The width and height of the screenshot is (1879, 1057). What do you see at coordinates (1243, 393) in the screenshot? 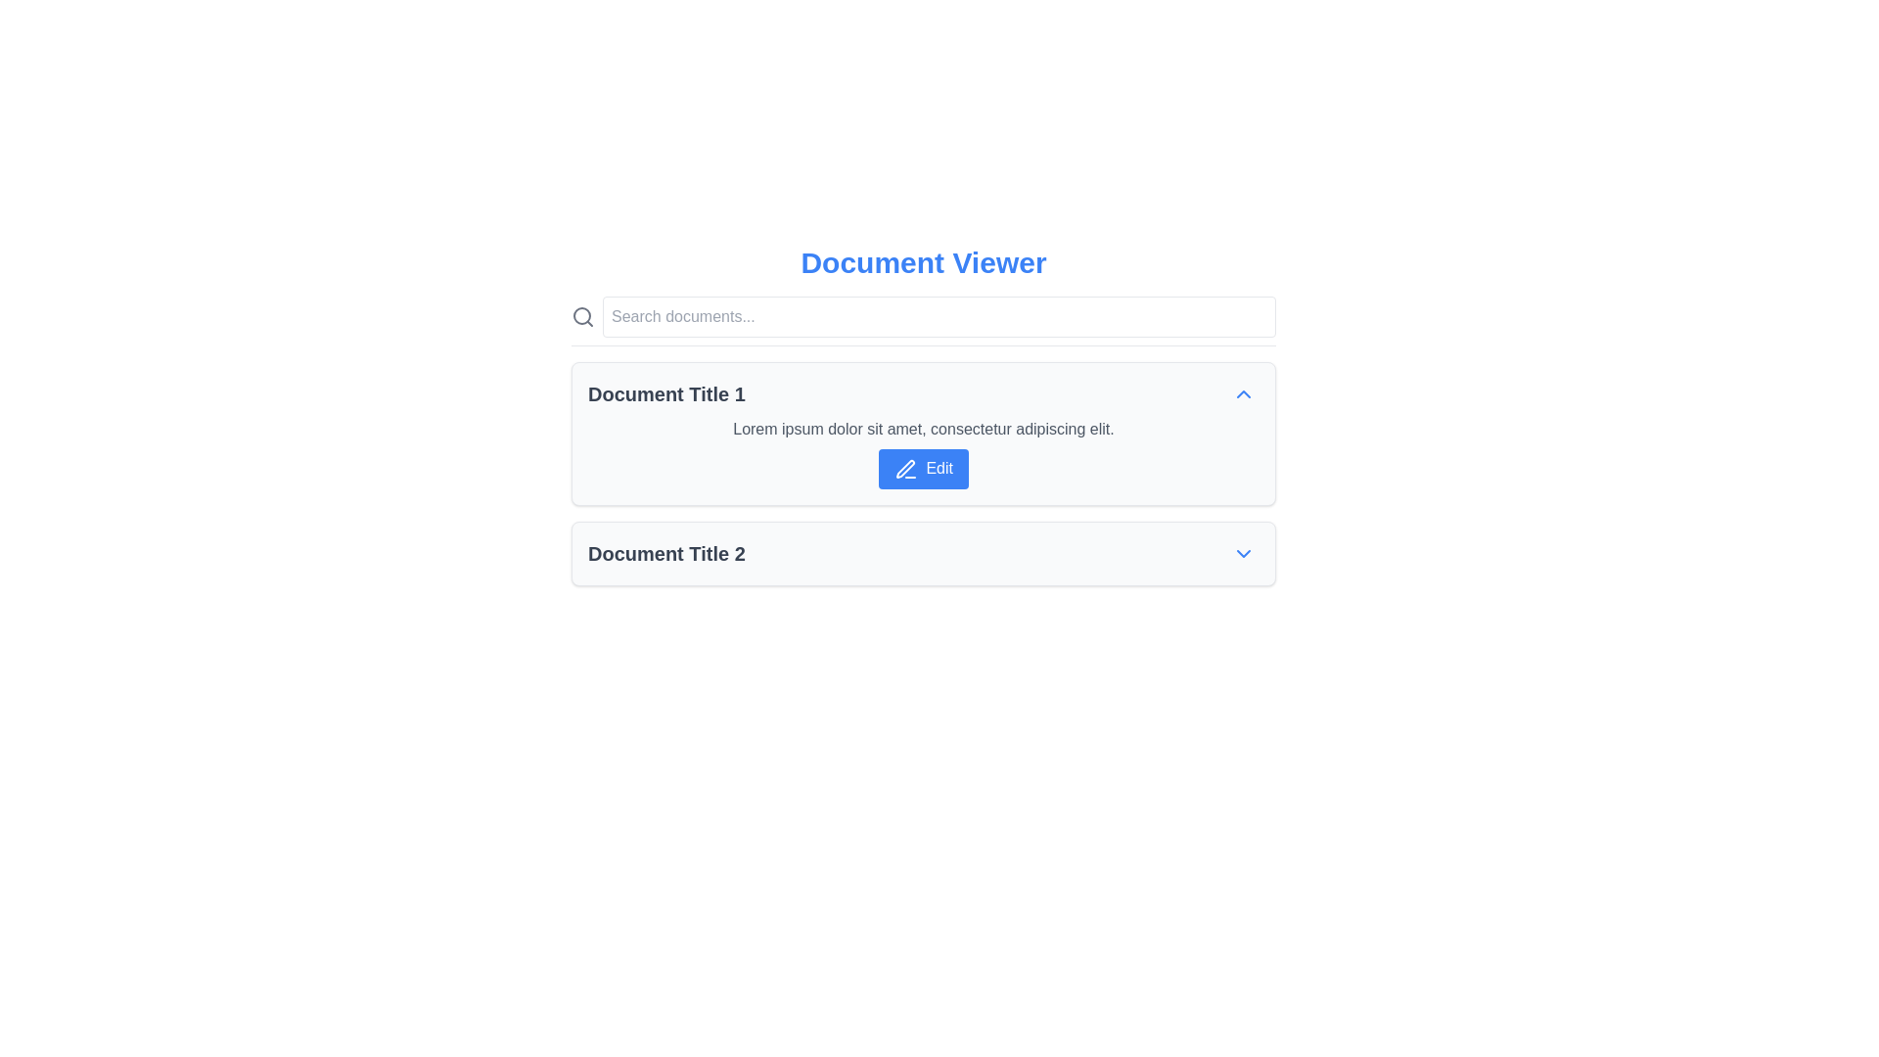
I see `the upward pointing chevron icon styled as a button located at the upper-right corner of the section displaying 'Document Title 1'` at bounding box center [1243, 393].